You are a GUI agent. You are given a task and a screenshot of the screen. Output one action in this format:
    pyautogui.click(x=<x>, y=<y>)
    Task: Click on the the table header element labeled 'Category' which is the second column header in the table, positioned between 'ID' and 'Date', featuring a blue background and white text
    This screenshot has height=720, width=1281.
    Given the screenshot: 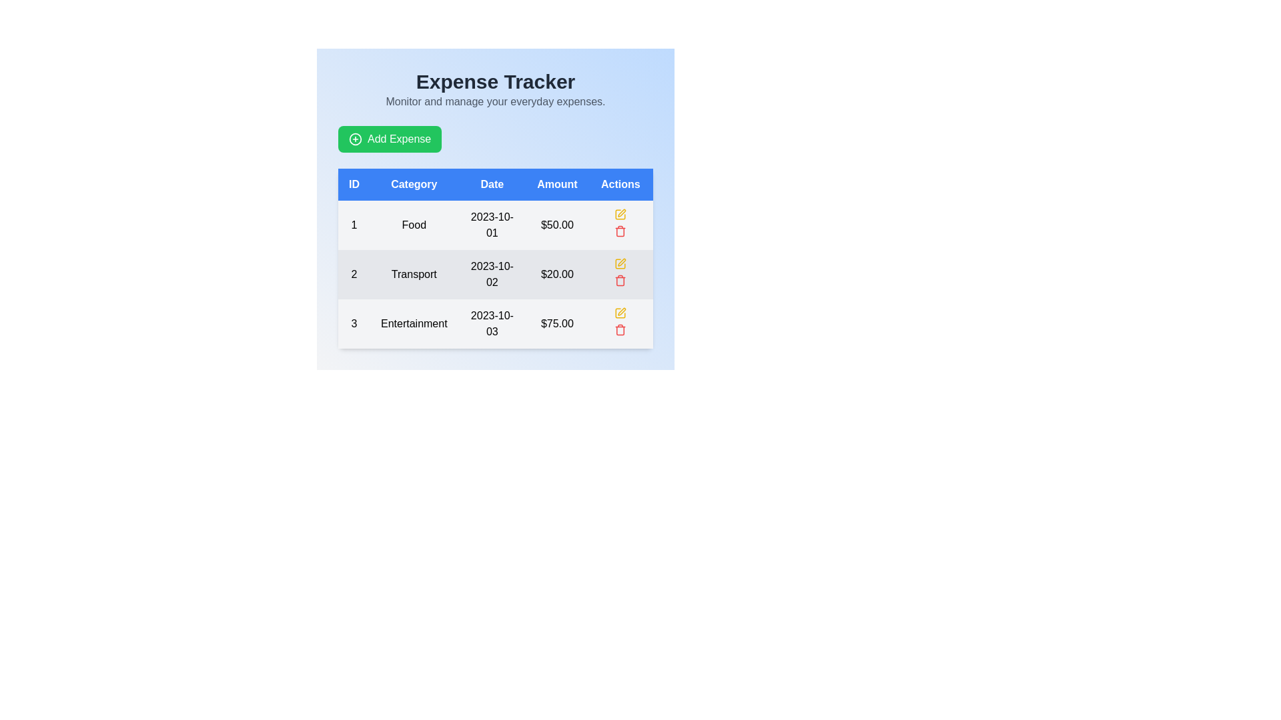 What is the action you would take?
    pyautogui.click(x=413, y=185)
    